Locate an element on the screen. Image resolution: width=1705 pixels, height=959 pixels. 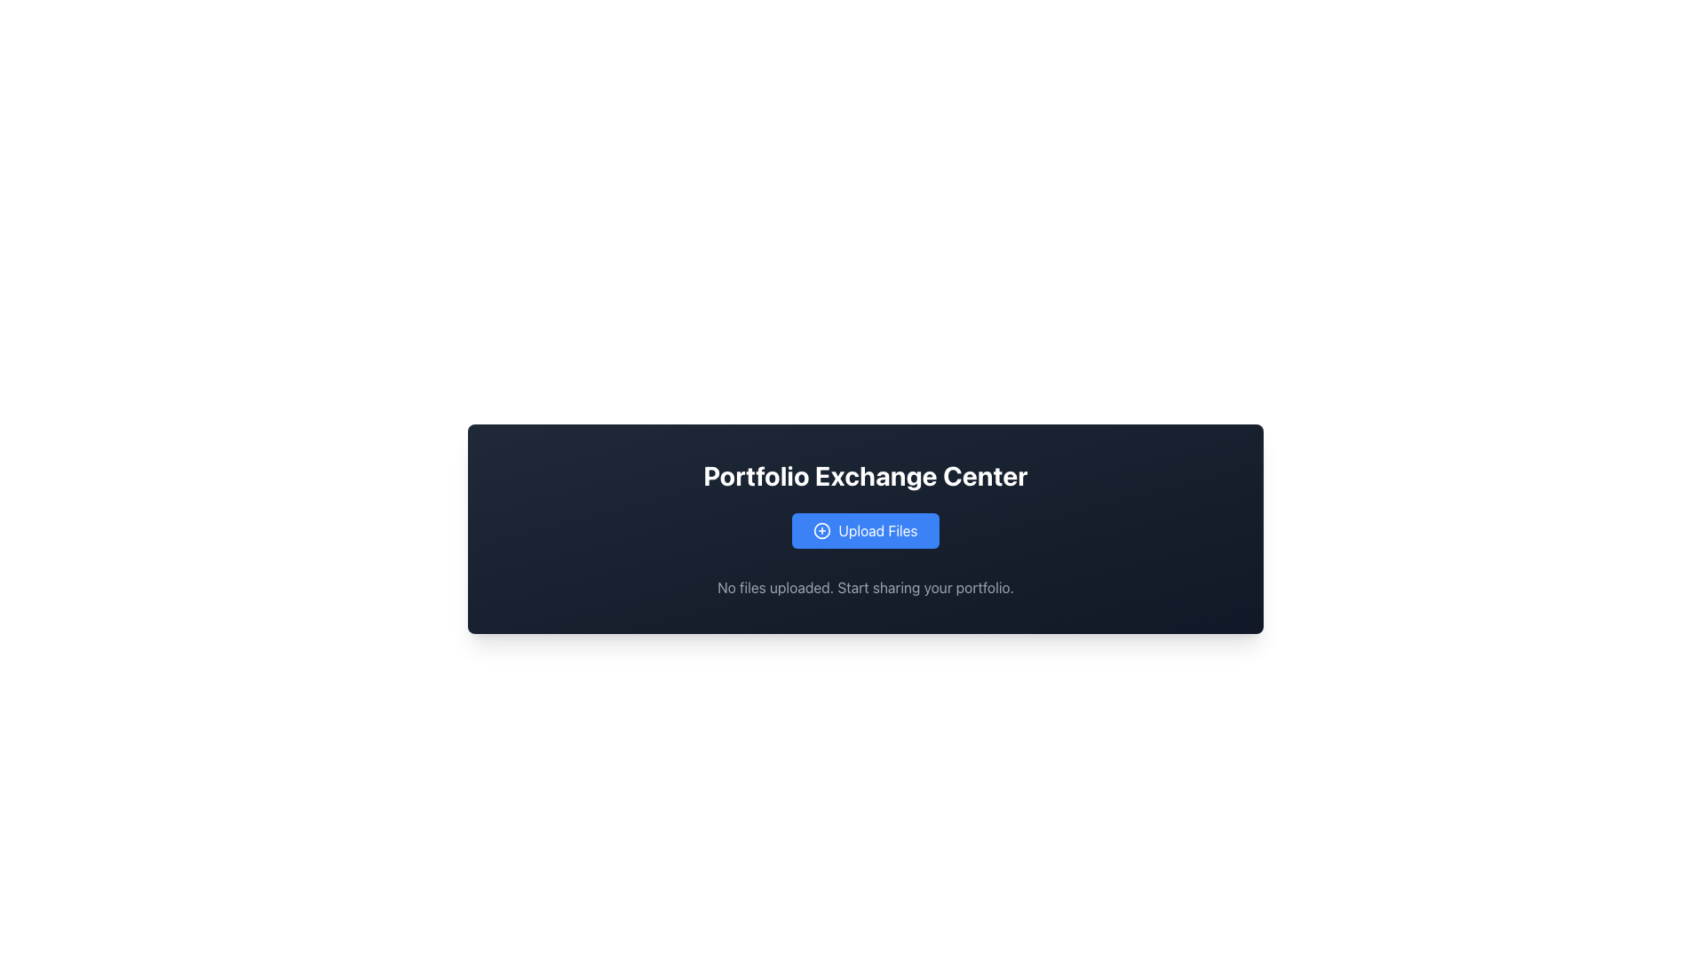
the icon located inside the 'Upload Files' button, which is to the left of the text label and positioned centrally within the 'Portfolio Exchange Center' is located at coordinates (821, 529).